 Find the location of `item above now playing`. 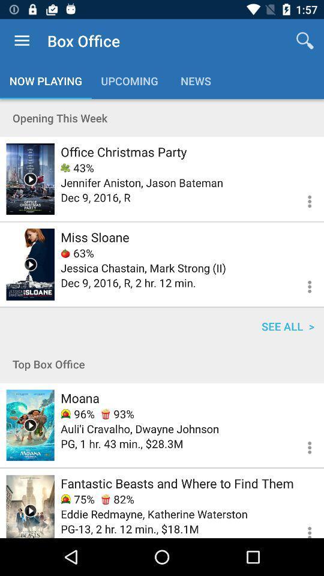

item above now playing is located at coordinates (22, 41).